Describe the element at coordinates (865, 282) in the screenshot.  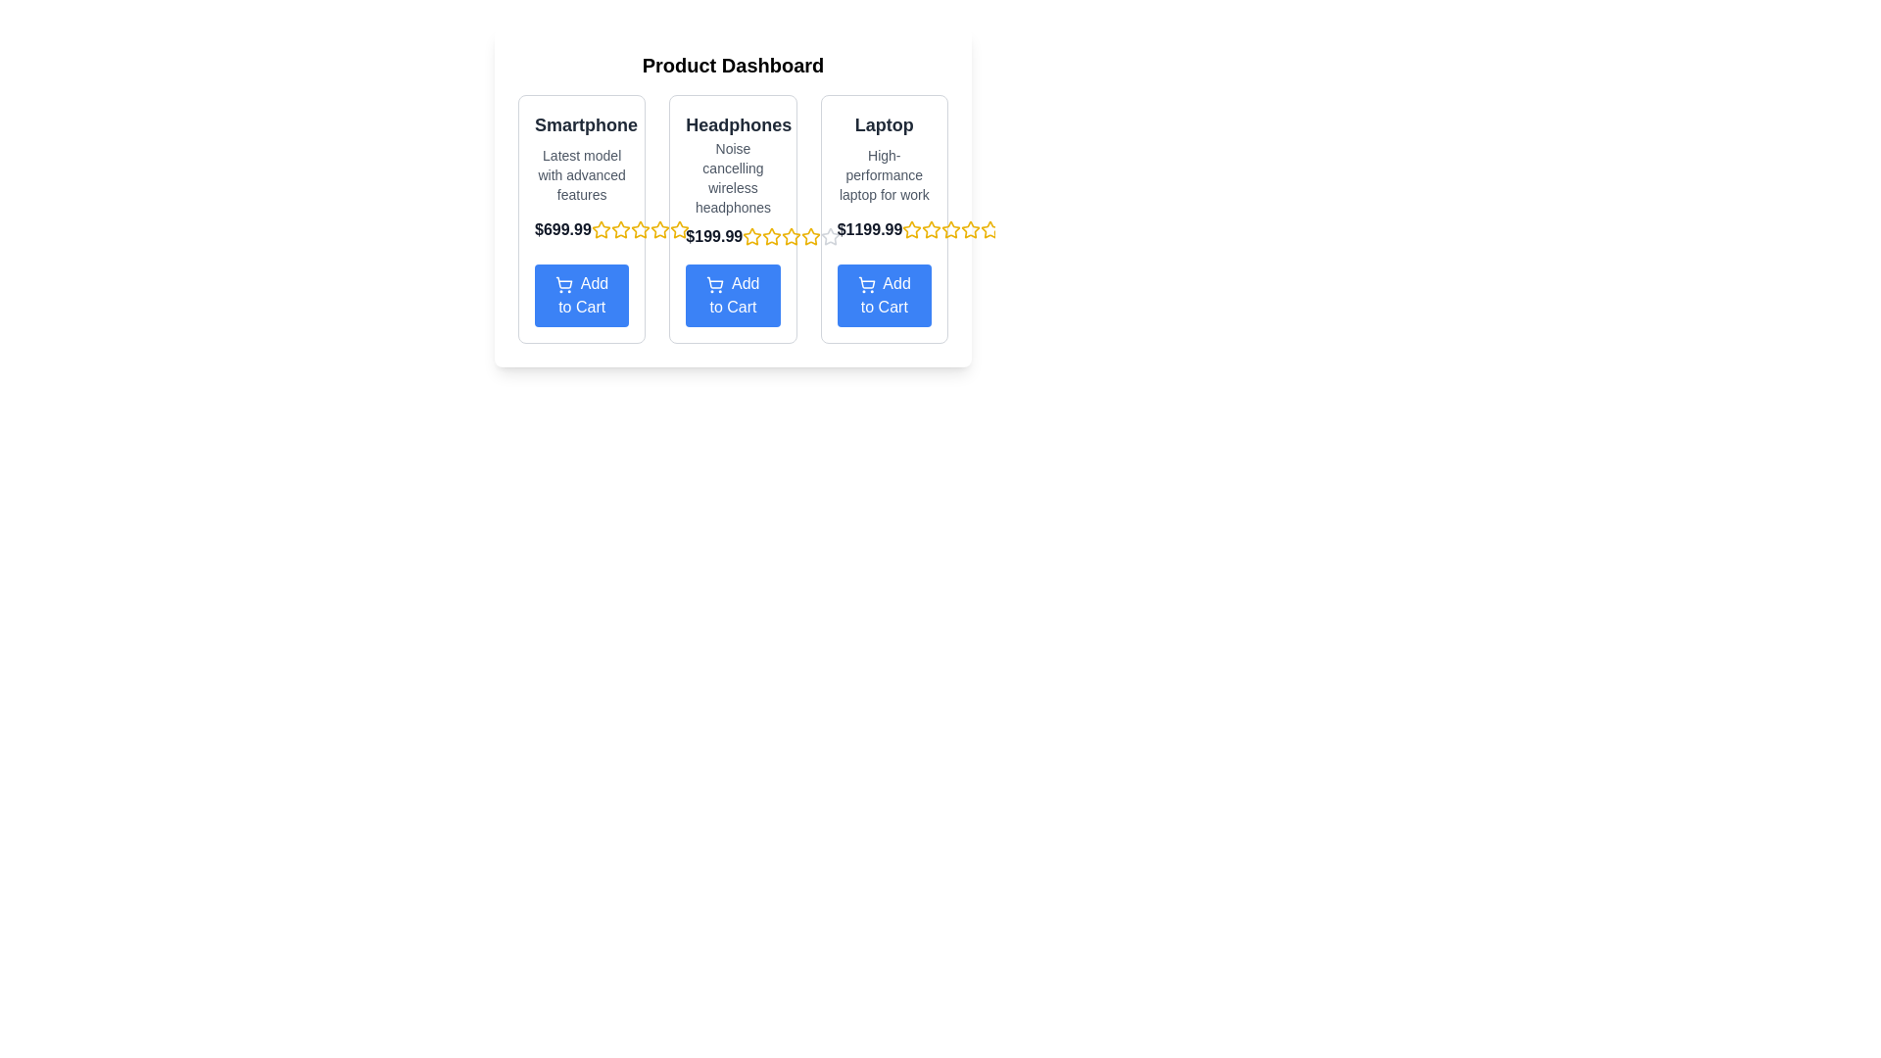
I see `the shopping cart icon within the 'Add to Cart' button located below the third product card titled 'Laptop'` at that location.